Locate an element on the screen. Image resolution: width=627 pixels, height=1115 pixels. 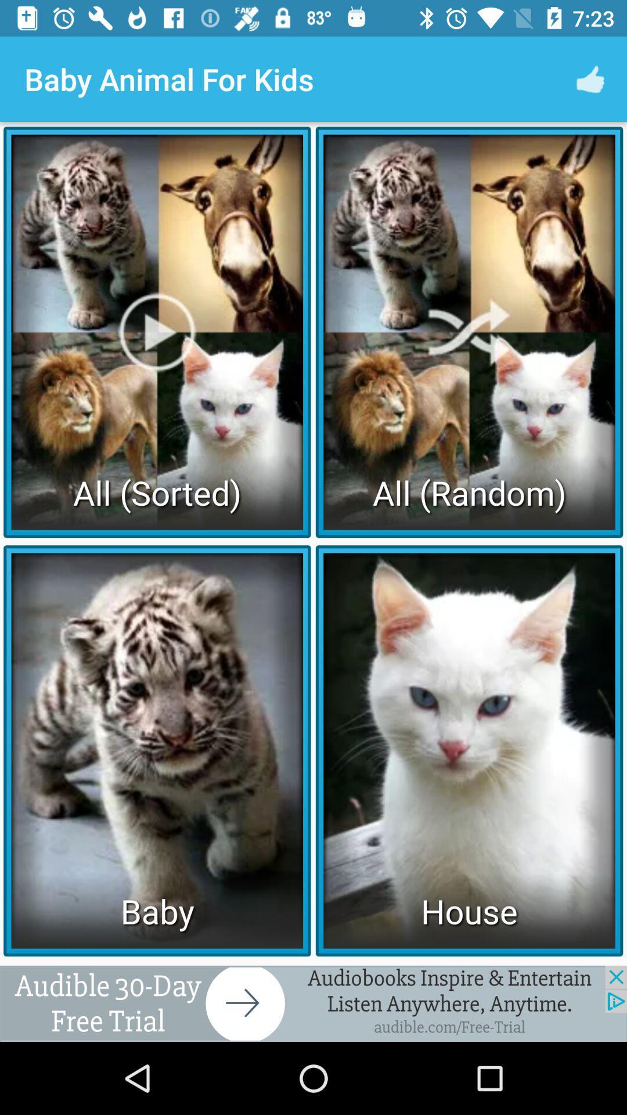
the second image in the second row is located at coordinates (469, 750).